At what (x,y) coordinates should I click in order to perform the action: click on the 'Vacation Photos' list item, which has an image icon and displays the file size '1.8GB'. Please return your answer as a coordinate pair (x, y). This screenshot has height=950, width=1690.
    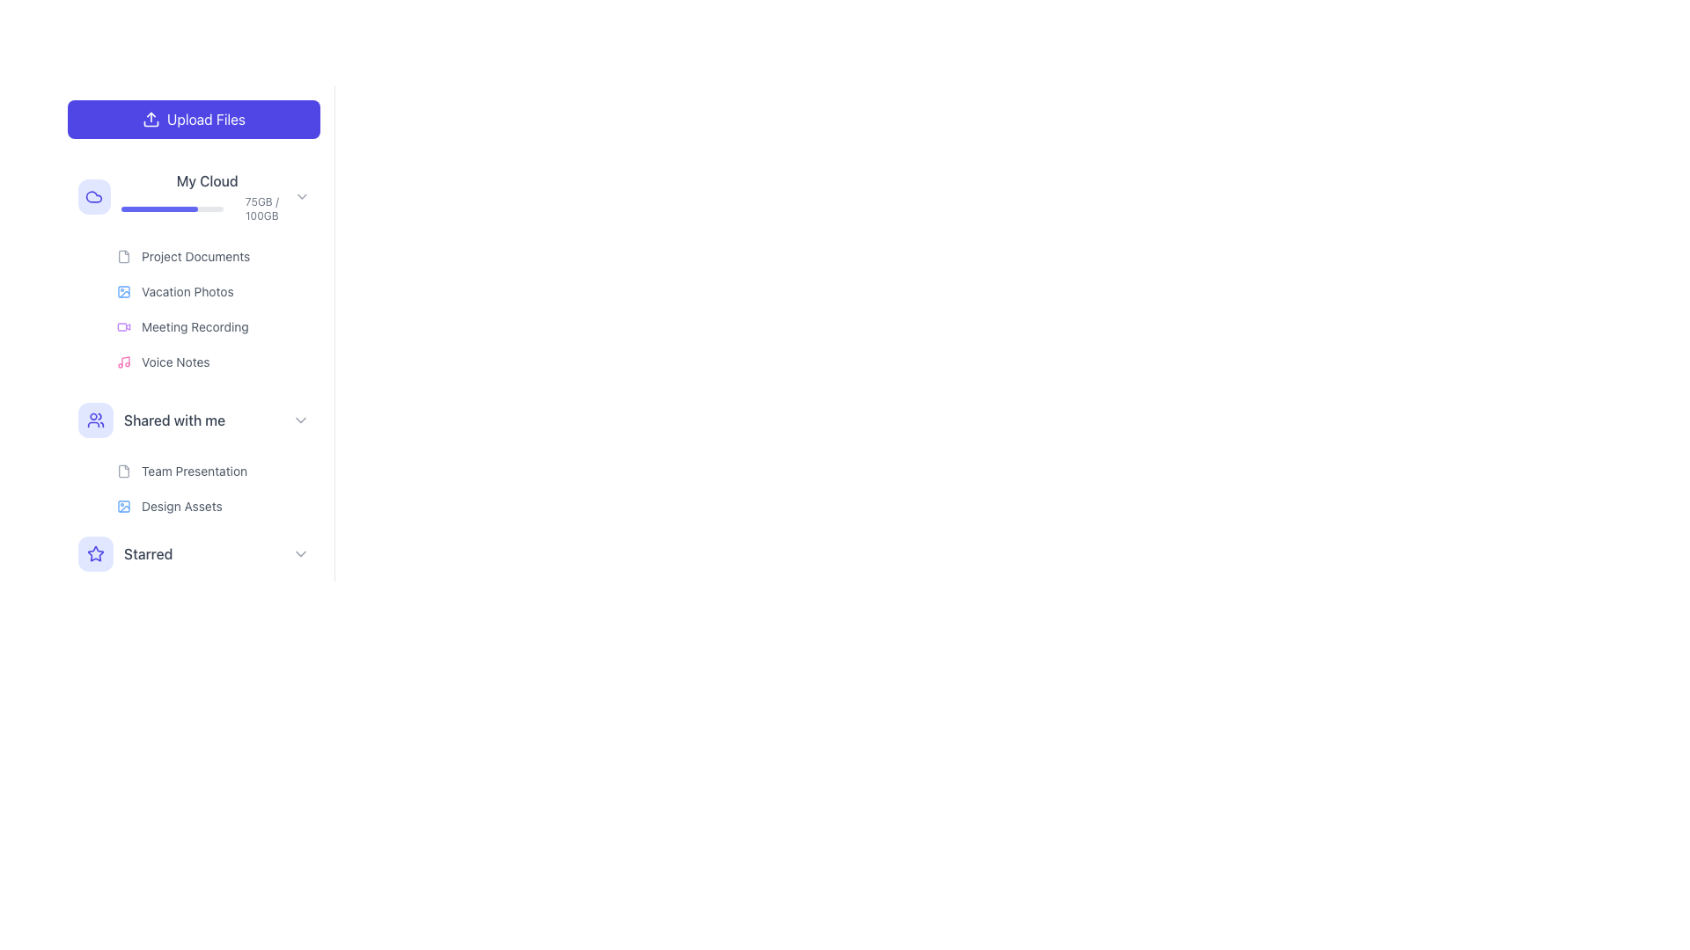
    Looking at the image, I should click on (214, 308).